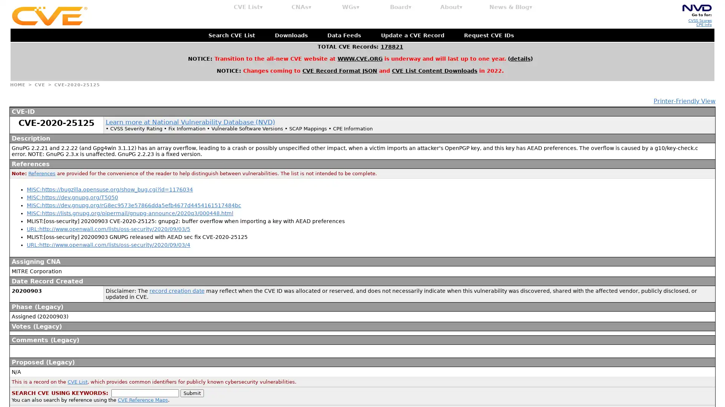 Image resolution: width=725 pixels, height=407 pixels. I want to click on Board, so click(400, 7).